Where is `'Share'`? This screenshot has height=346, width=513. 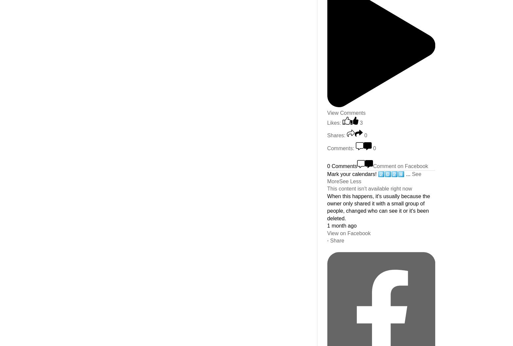
'Share' is located at coordinates (337, 240).